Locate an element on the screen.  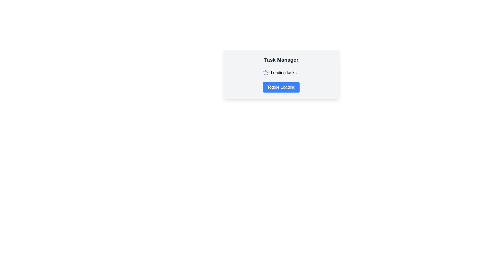
the rectangular button with a blue background and white text reading 'Toggle Loading' is located at coordinates (281, 87).